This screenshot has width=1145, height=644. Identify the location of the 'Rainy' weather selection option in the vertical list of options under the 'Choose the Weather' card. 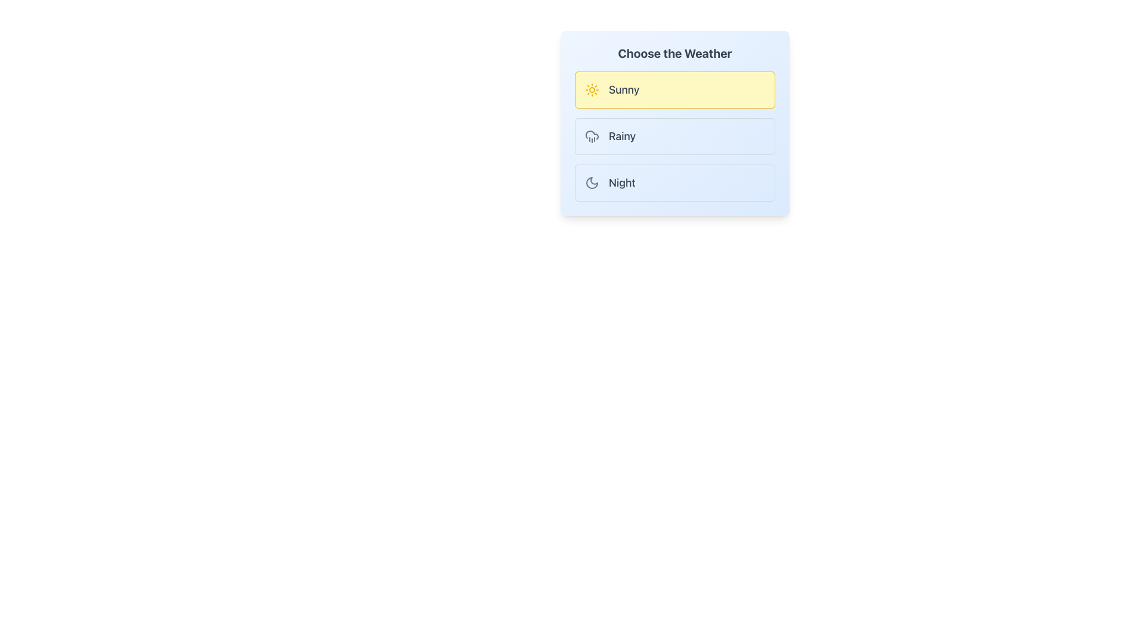
(675, 123).